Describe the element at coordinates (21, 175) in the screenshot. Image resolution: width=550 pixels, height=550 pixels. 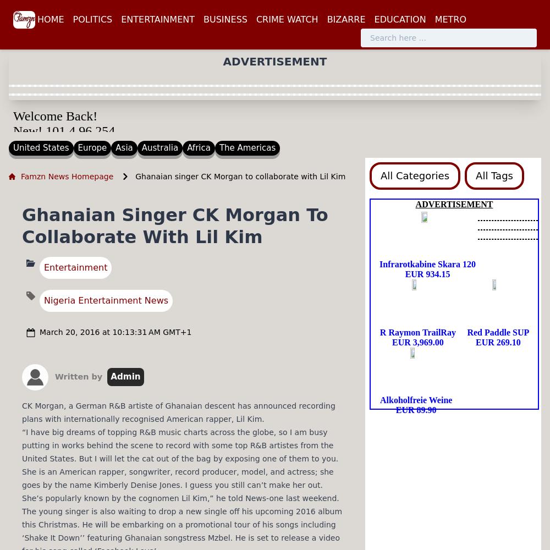
I see `'Famzn News Homepage'` at that location.